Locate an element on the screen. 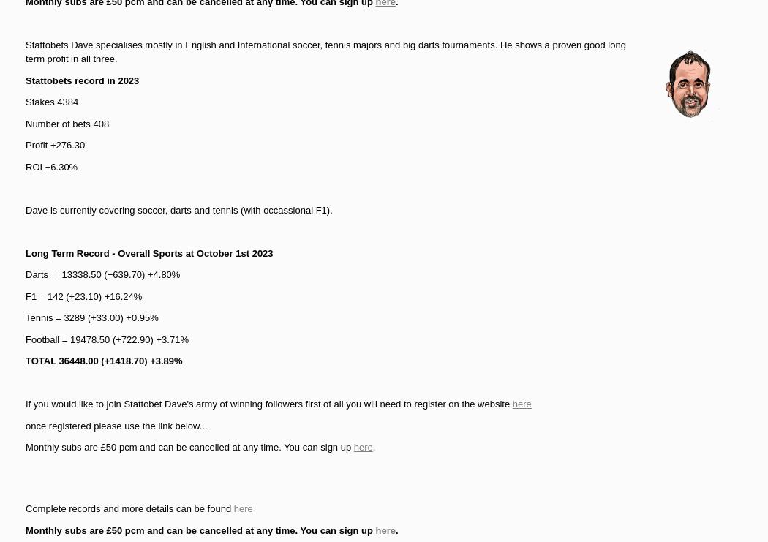  'Number of bets 408' is located at coordinates (67, 123).